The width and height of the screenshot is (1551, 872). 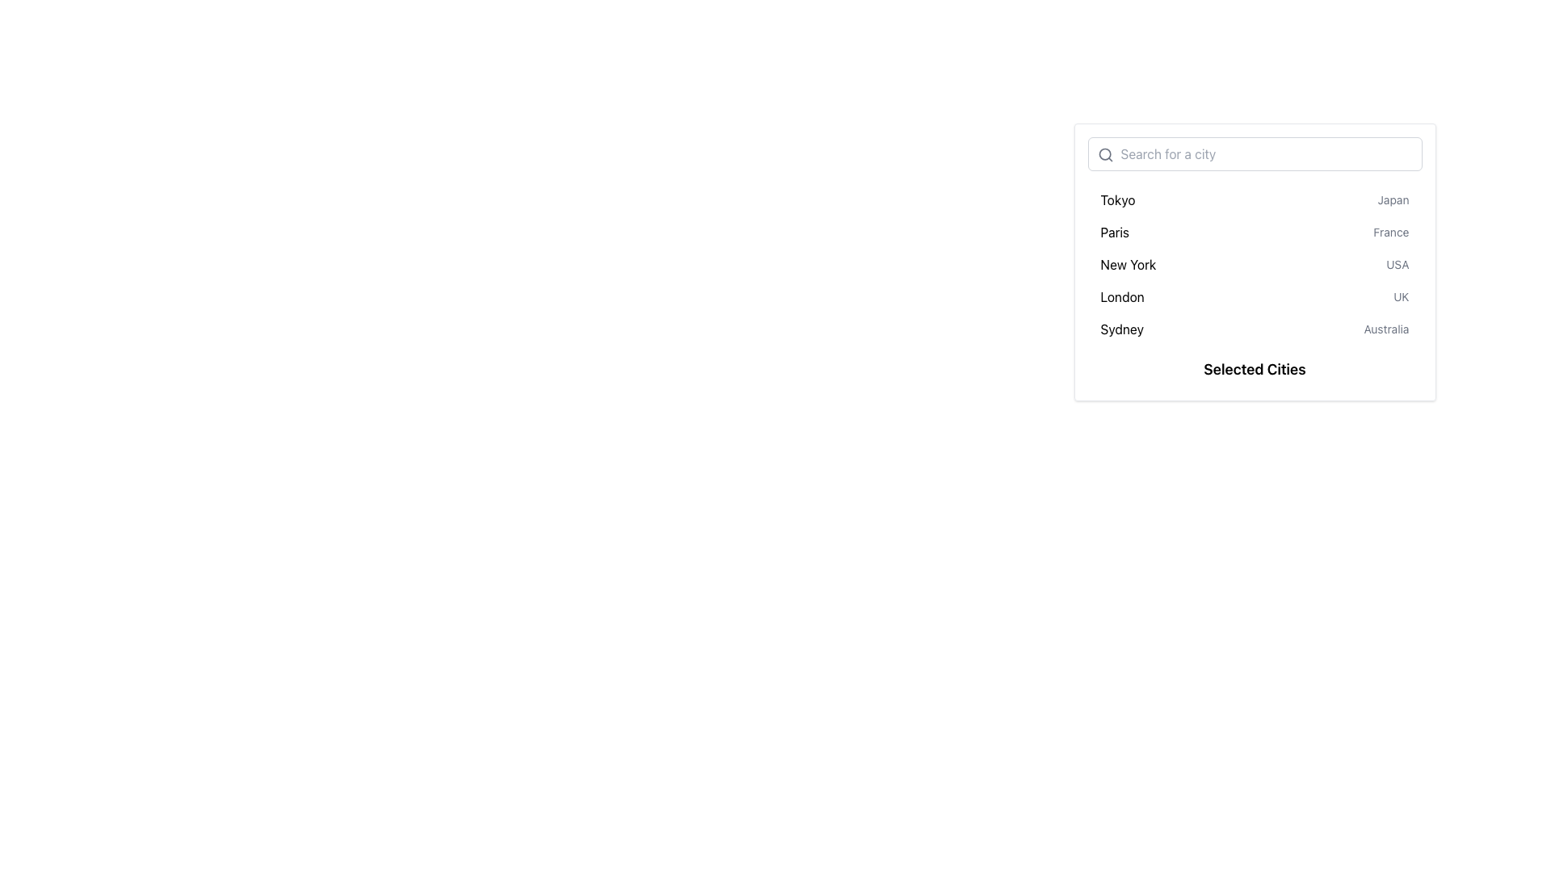 What do you see at coordinates (1104, 155) in the screenshot?
I see `the gray magnifying glass icon located at the top-left corner of the search input field, which is styled in a minimal outline design and matches the placeholder text styling` at bounding box center [1104, 155].